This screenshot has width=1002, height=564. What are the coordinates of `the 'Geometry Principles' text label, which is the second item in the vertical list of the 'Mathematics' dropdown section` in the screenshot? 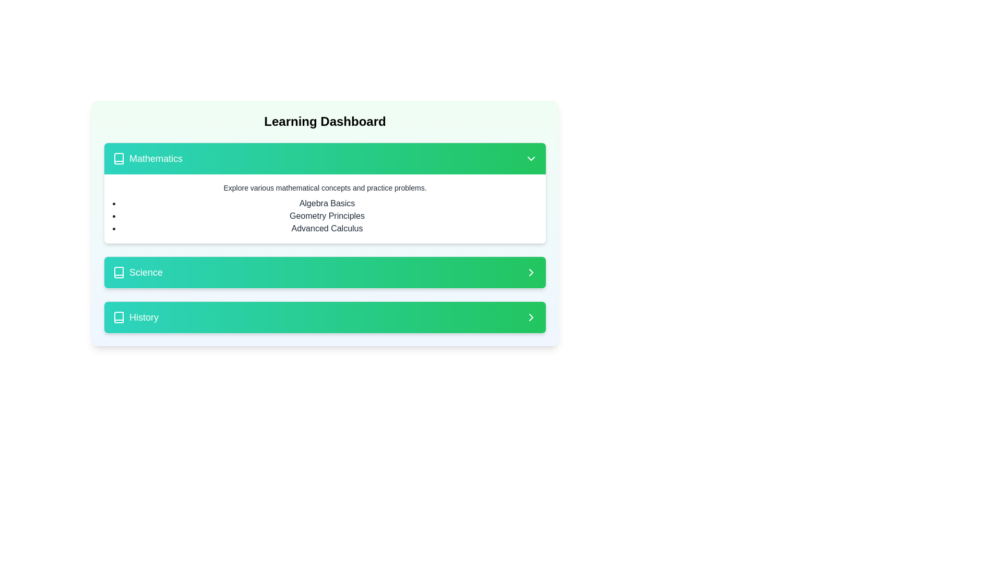 It's located at (327, 215).